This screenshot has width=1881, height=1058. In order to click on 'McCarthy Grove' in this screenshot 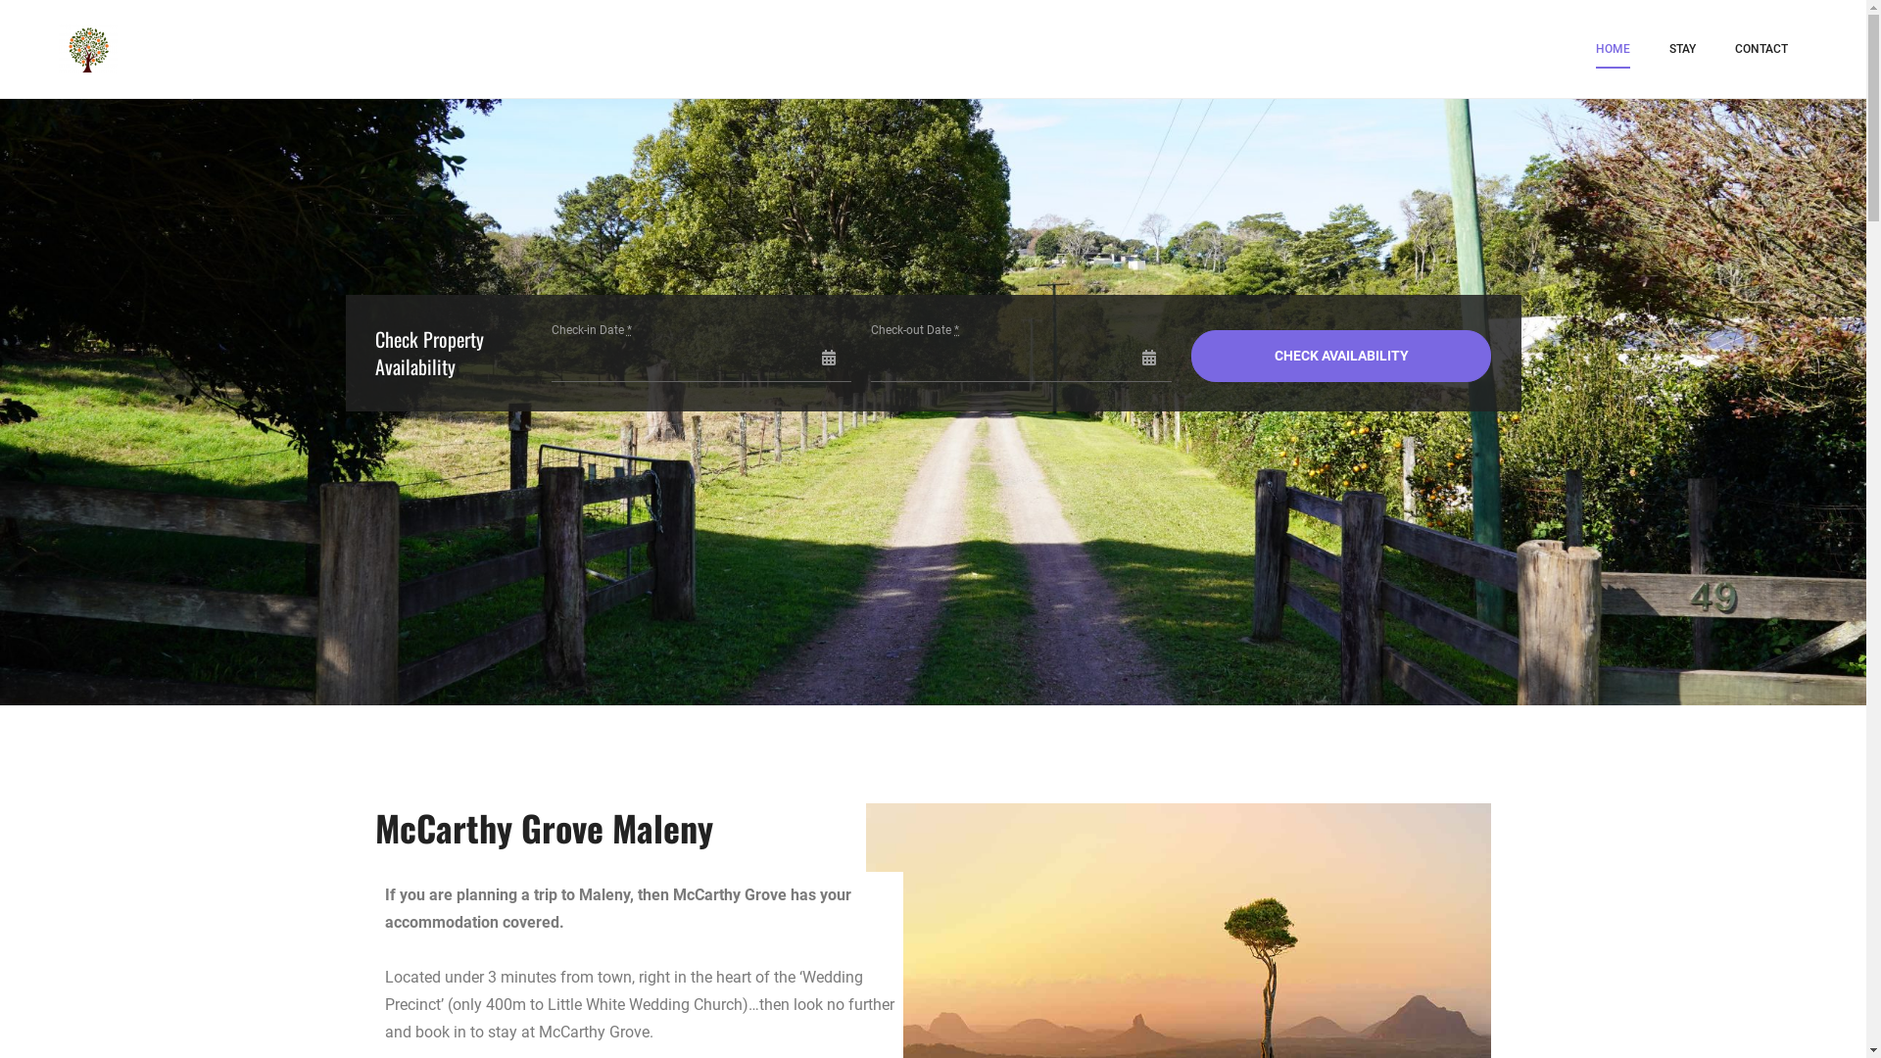, I will do `click(212, 60)`.